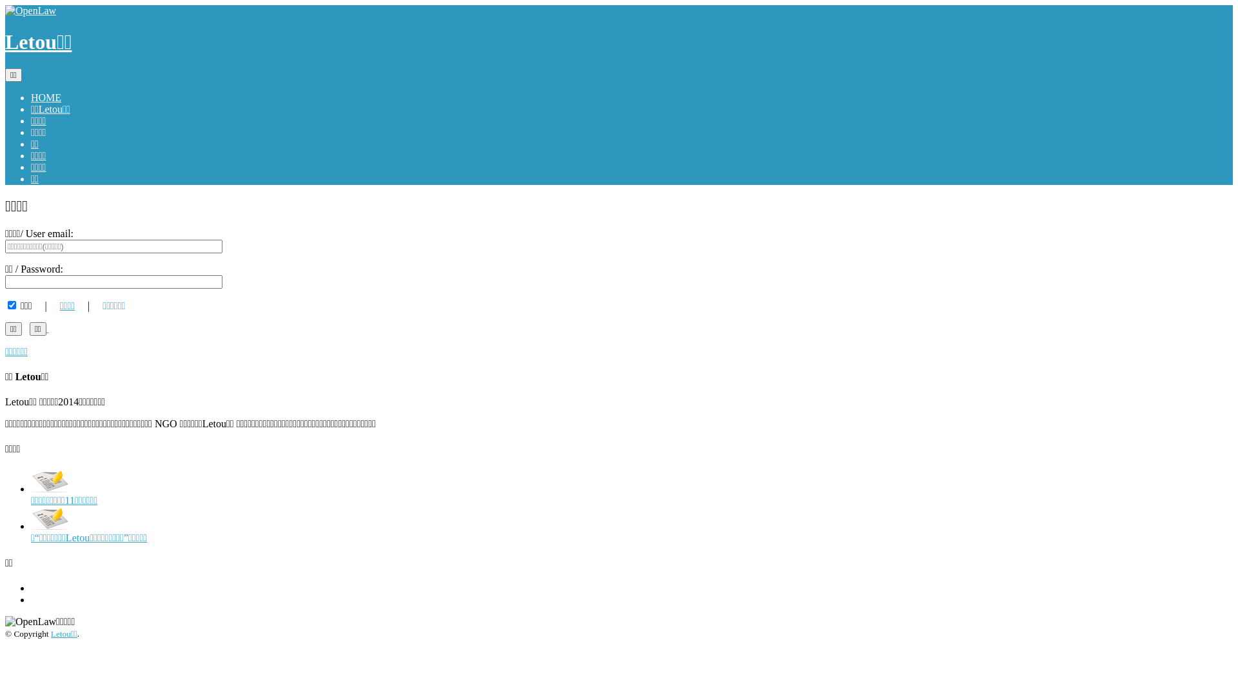 This screenshot has width=1238, height=696. What do you see at coordinates (31, 97) in the screenshot?
I see `'HOME'` at bounding box center [31, 97].